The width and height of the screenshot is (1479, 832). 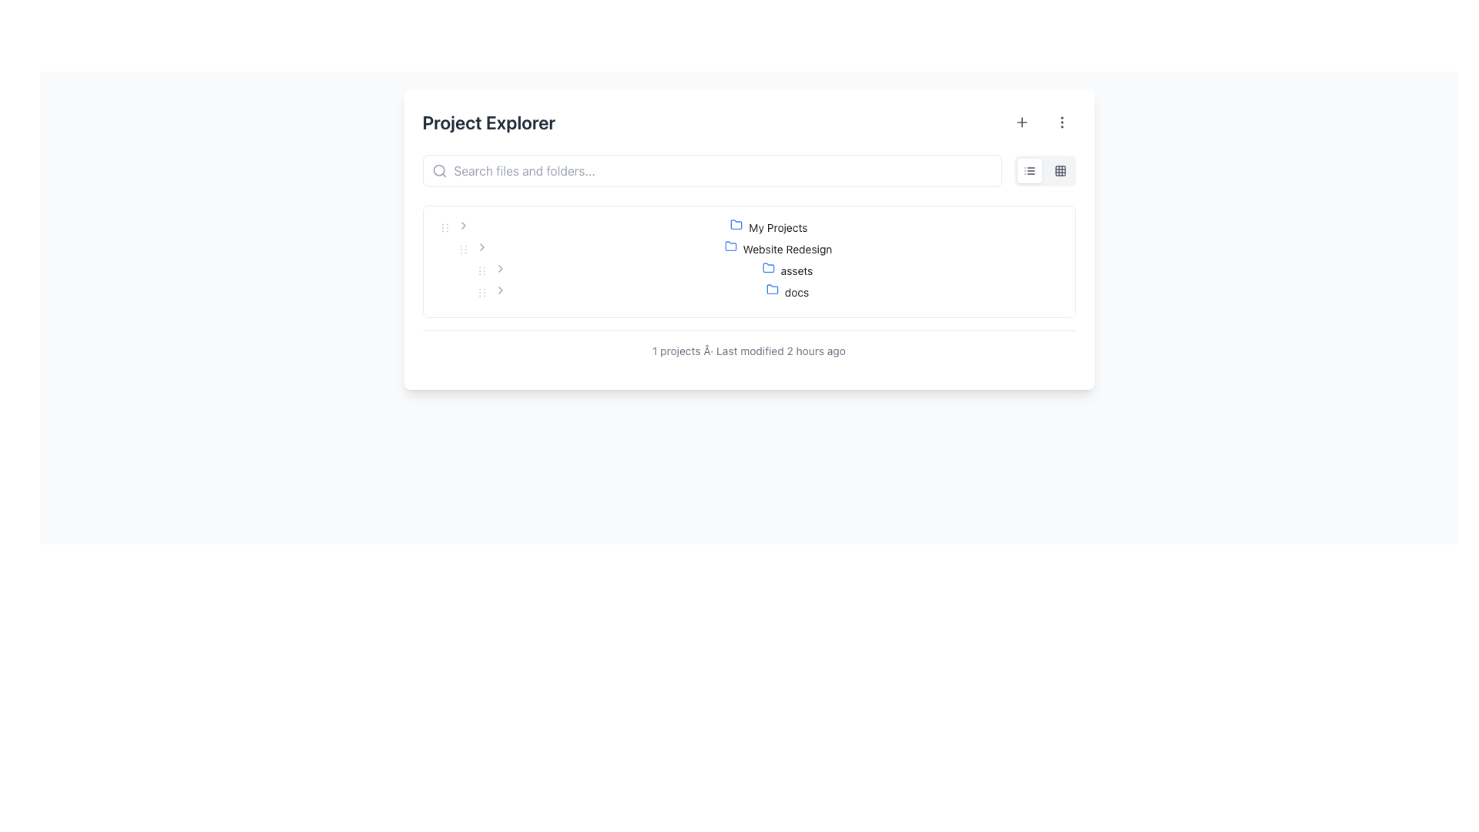 I want to click on the grid icon button located in the top-right corner of the interface, so click(x=1059, y=171).